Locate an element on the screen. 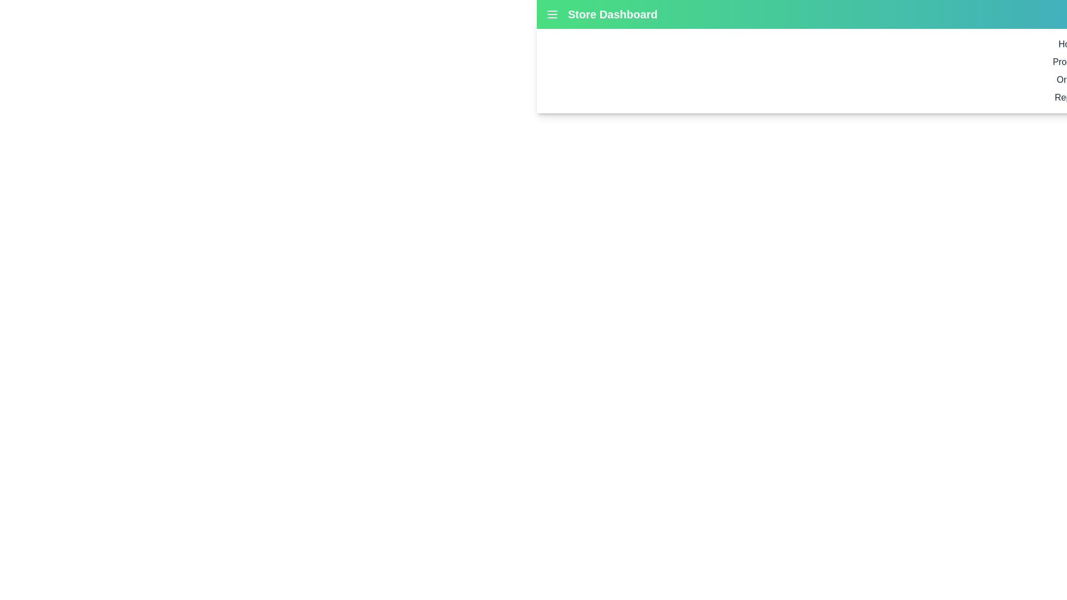  the 'Store Dashboard' text label element, which is styled with a bold, white font on a greenish background, located in the header bar of the application is located at coordinates (601, 14).